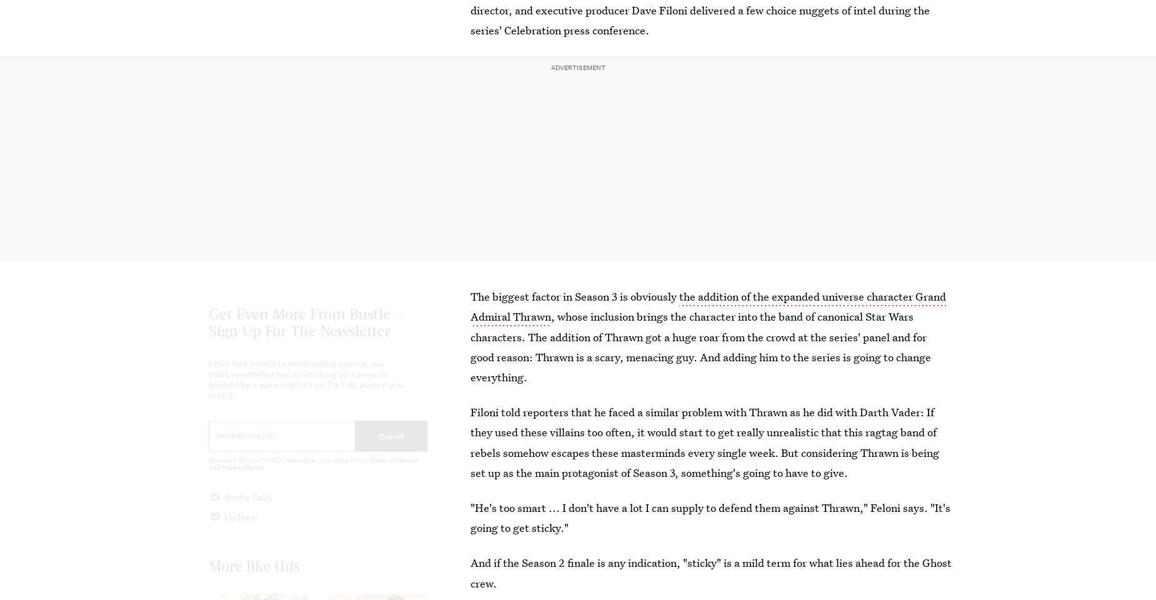  What do you see at coordinates (470, 442) in the screenshot?
I see `'Filoni told reporters that he faced a similar problem with Thrawn as he did with Darth Vader: If they used these villains too often, it would start to get really unrealistic that this ragtag band of rebels somehow escapes these masterminds every single week. But considering Thrawn is being set up as the main protagonist of Season 3, something's going to have to give.'` at bounding box center [470, 442].